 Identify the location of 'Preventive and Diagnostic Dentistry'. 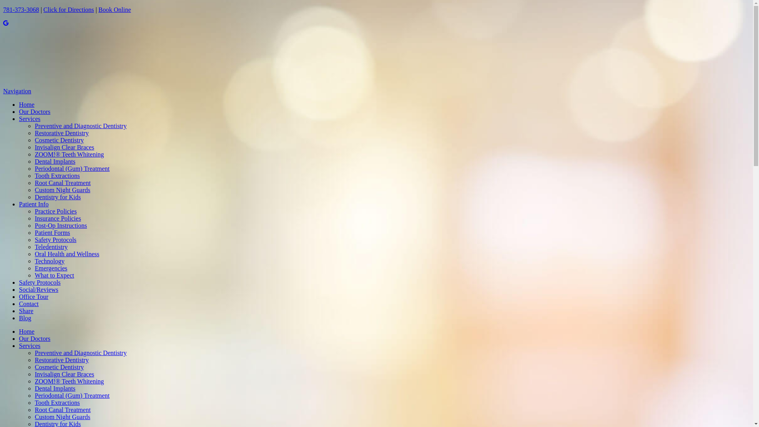
(34, 352).